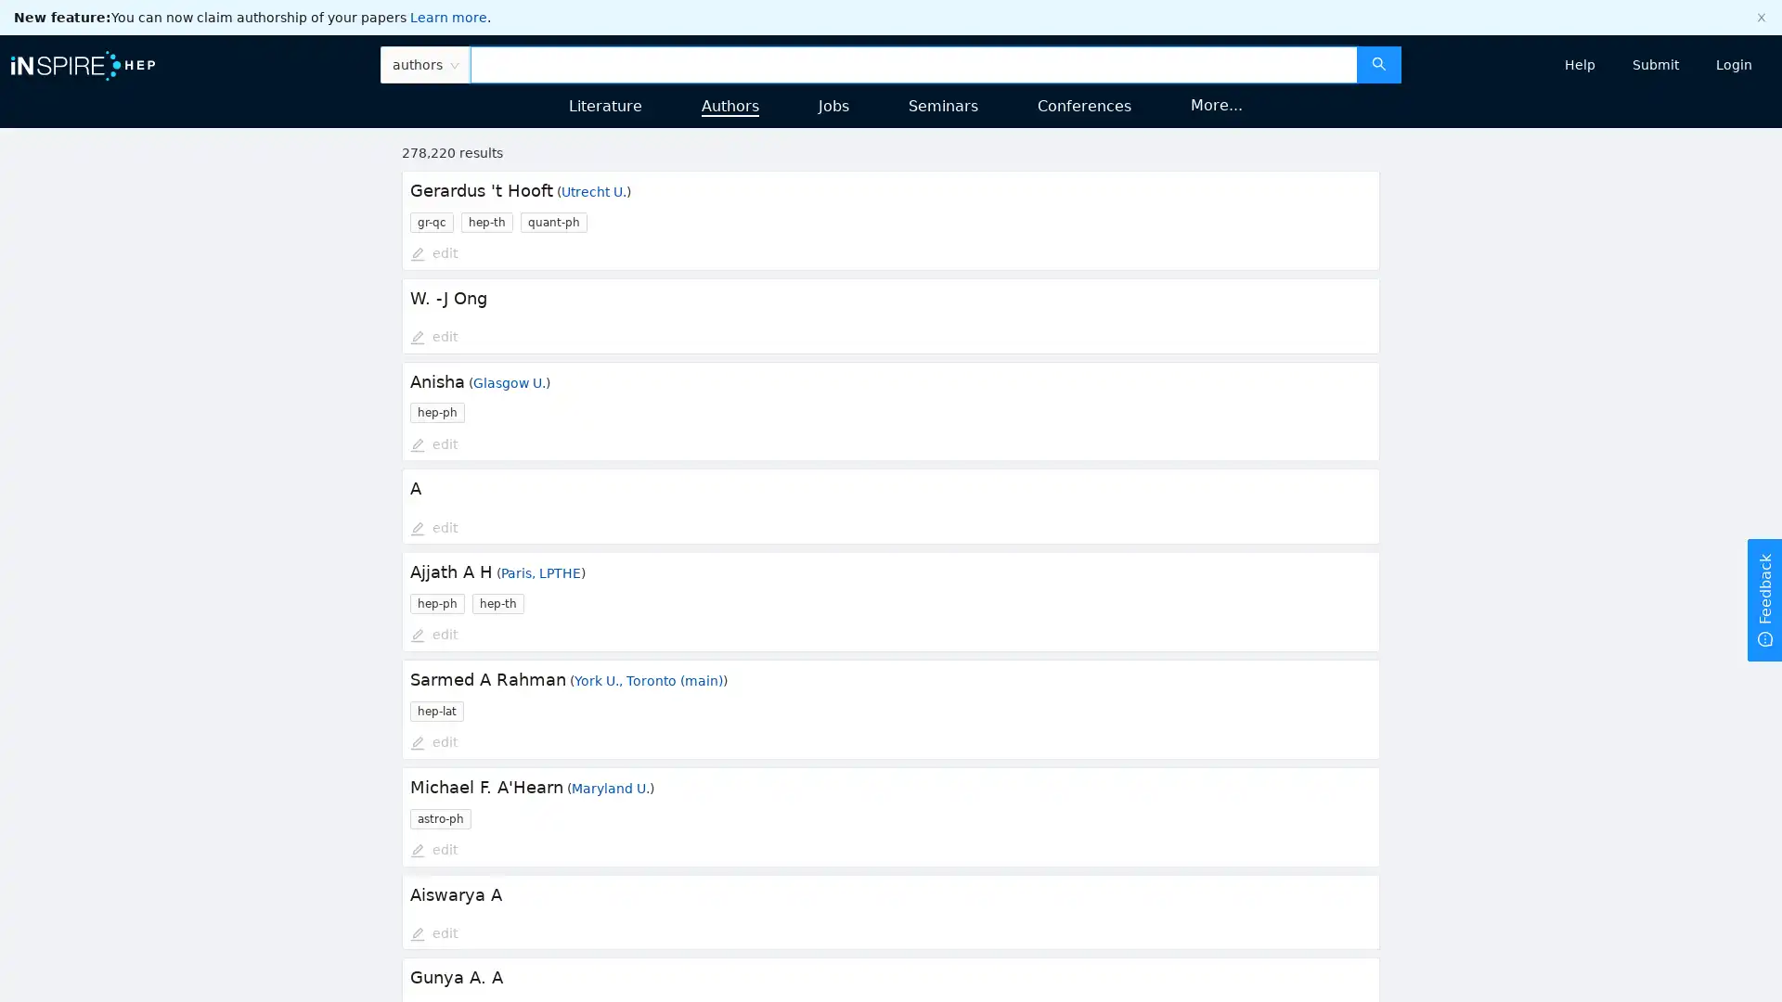 The width and height of the screenshot is (1782, 1002). Describe the element at coordinates (433, 337) in the screenshot. I see `edit edit` at that location.